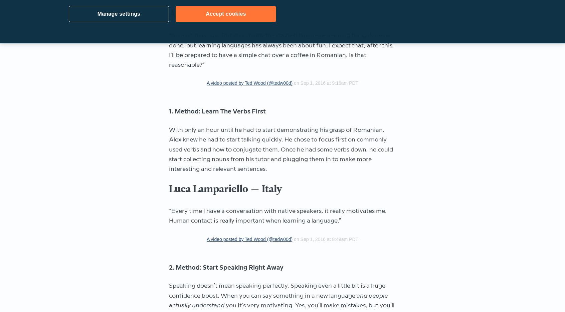 Image resolution: width=565 pixels, height=312 pixels. I want to click on '1. Method: Learn The Verbs First', so click(217, 111).